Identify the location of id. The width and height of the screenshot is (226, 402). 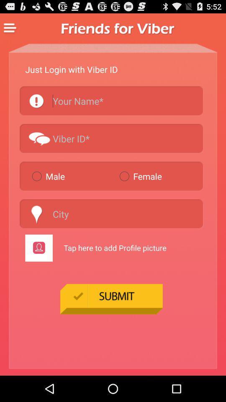
(111, 138).